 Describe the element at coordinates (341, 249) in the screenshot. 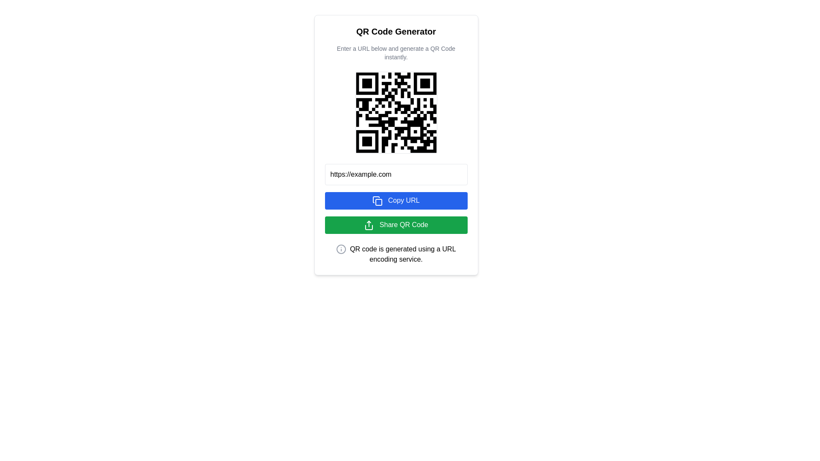

I see `the central circular part of the SVG icon representing the information icon` at that location.